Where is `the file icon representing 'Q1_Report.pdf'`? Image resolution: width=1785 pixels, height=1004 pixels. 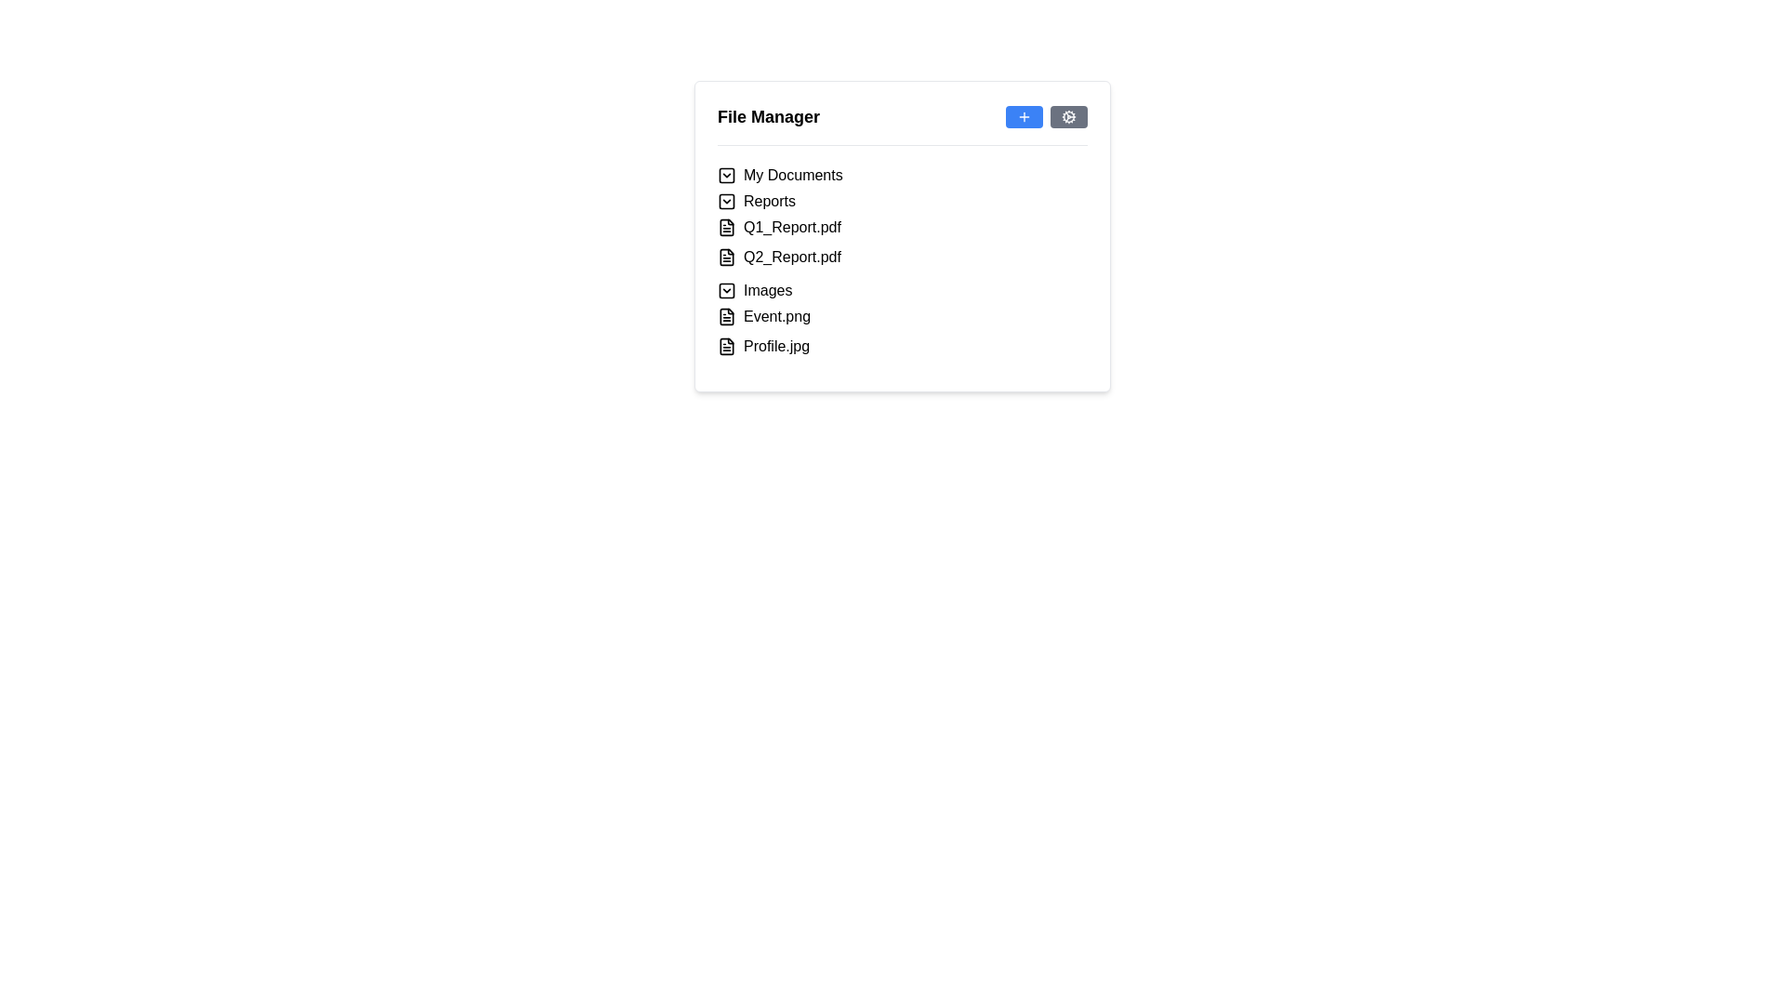
the file icon representing 'Q1_Report.pdf' is located at coordinates (726, 227).